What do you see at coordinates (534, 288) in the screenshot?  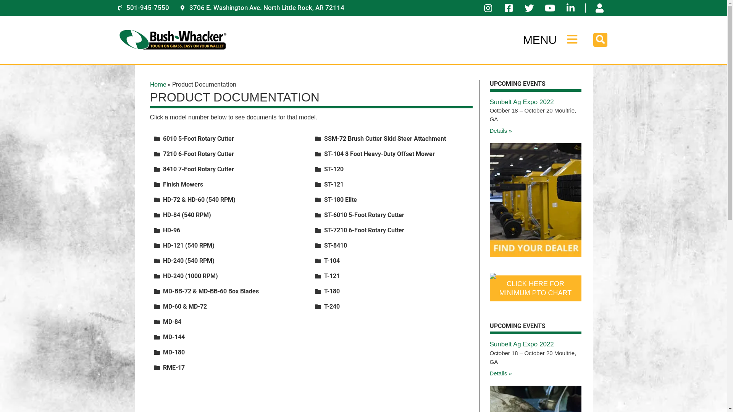 I see `'CLICK HERE FOR MINIMUM PTO CHART'` at bounding box center [534, 288].